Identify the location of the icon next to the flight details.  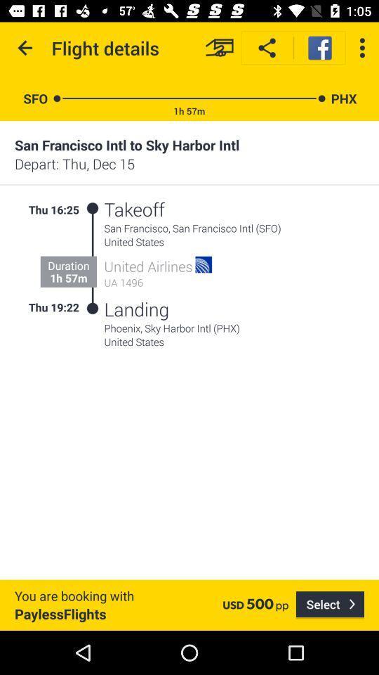
(25, 48).